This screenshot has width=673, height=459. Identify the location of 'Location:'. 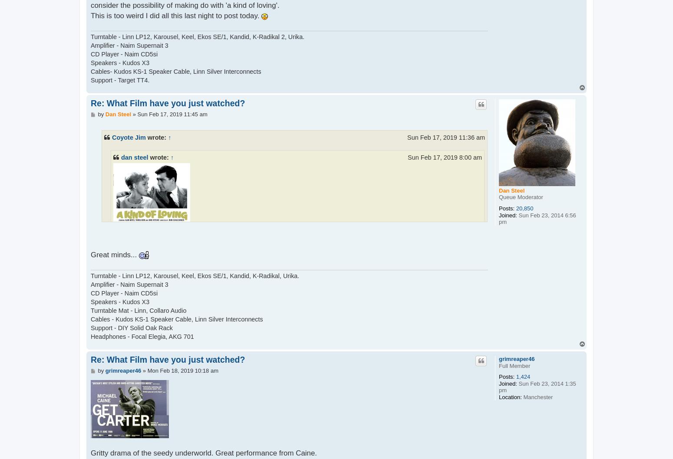
(510, 397).